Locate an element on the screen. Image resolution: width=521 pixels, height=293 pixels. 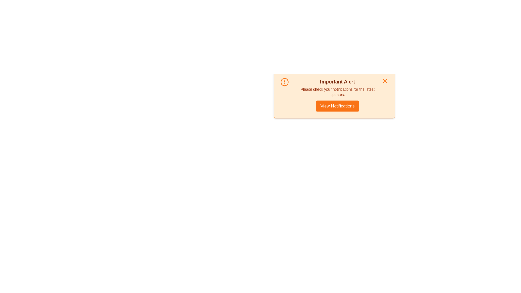
the 'View Notifications' button to navigate to the notifications center is located at coordinates (337, 110).